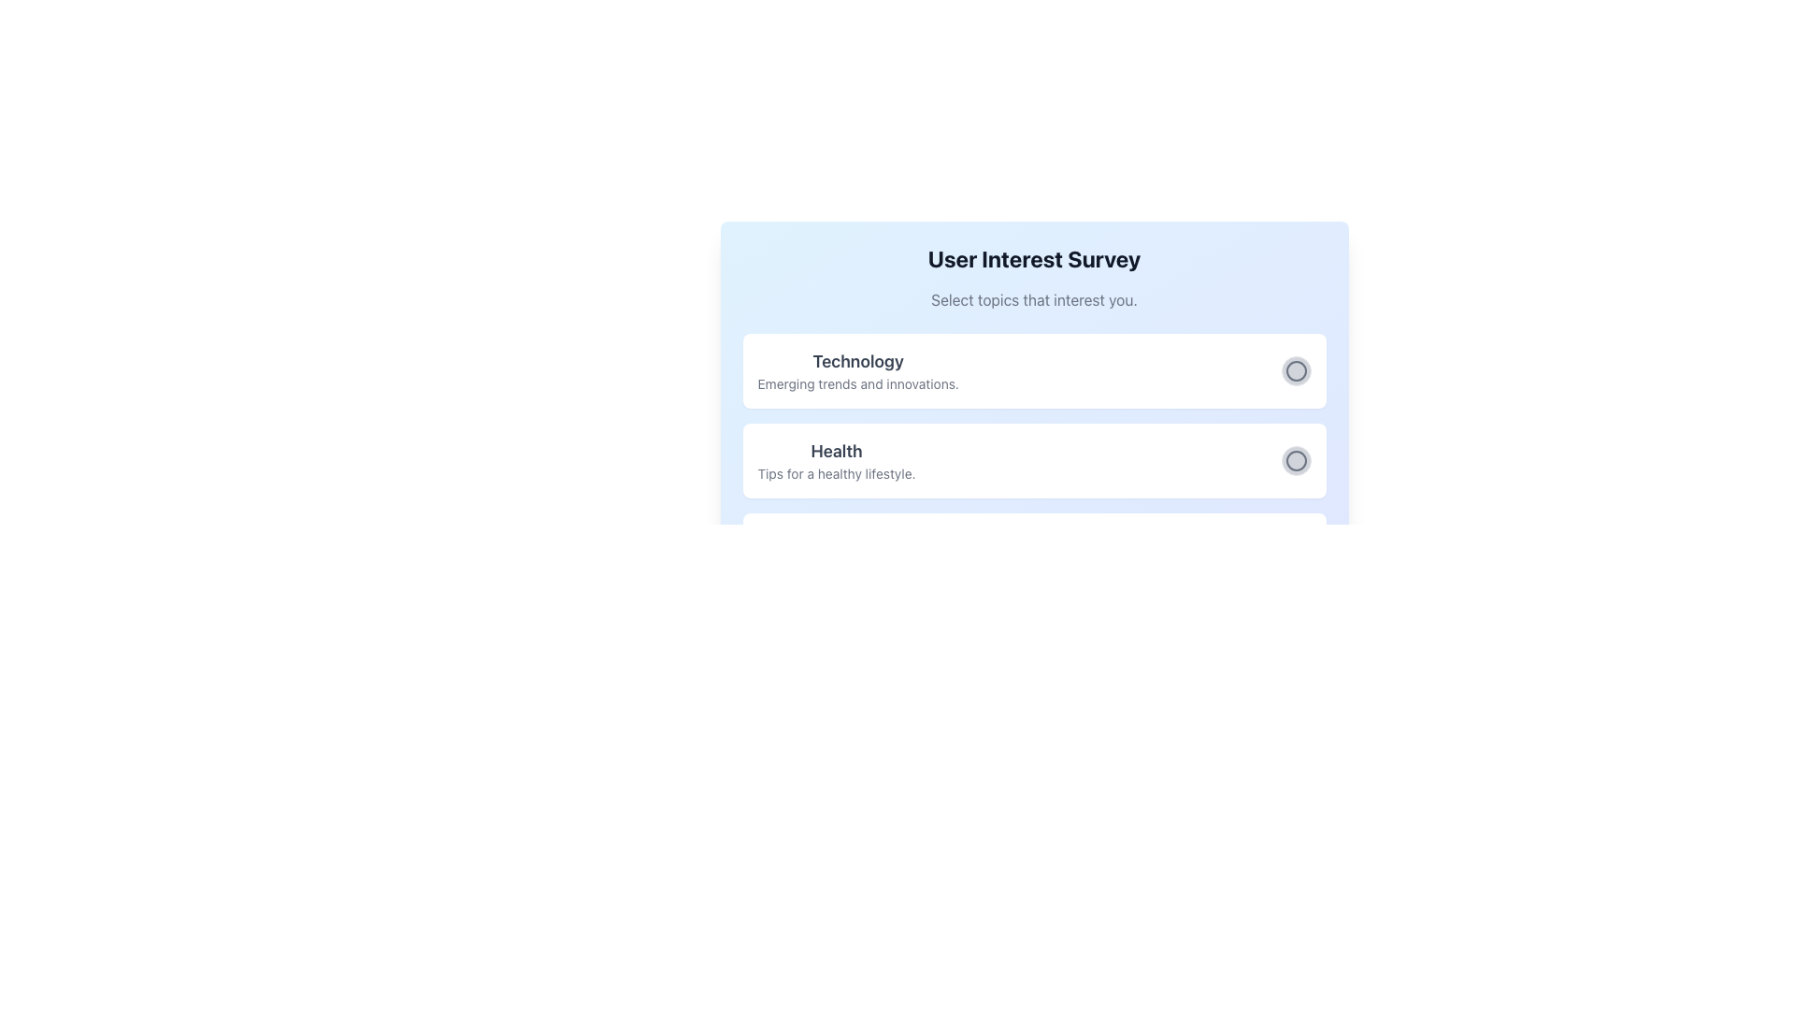 Image resolution: width=1795 pixels, height=1010 pixels. I want to click on the static text element that displays 'Health' in bold and larger font, with the description 'Tips for a healthy lifestyle.' below it, located within the 'Health' card, the second card in the vertical list, so click(836, 461).